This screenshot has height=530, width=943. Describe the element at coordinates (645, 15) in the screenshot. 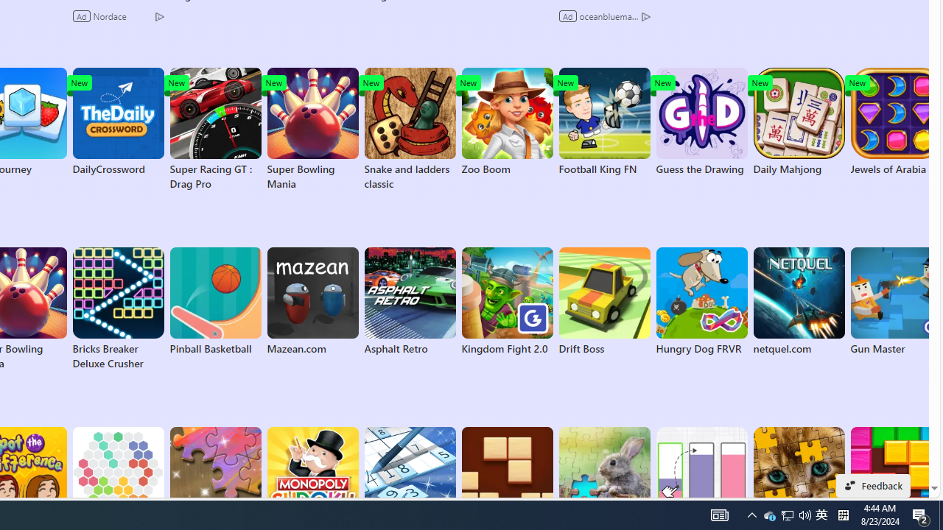

I see `'Class: ad-choice  ad-choice-mono '` at that location.